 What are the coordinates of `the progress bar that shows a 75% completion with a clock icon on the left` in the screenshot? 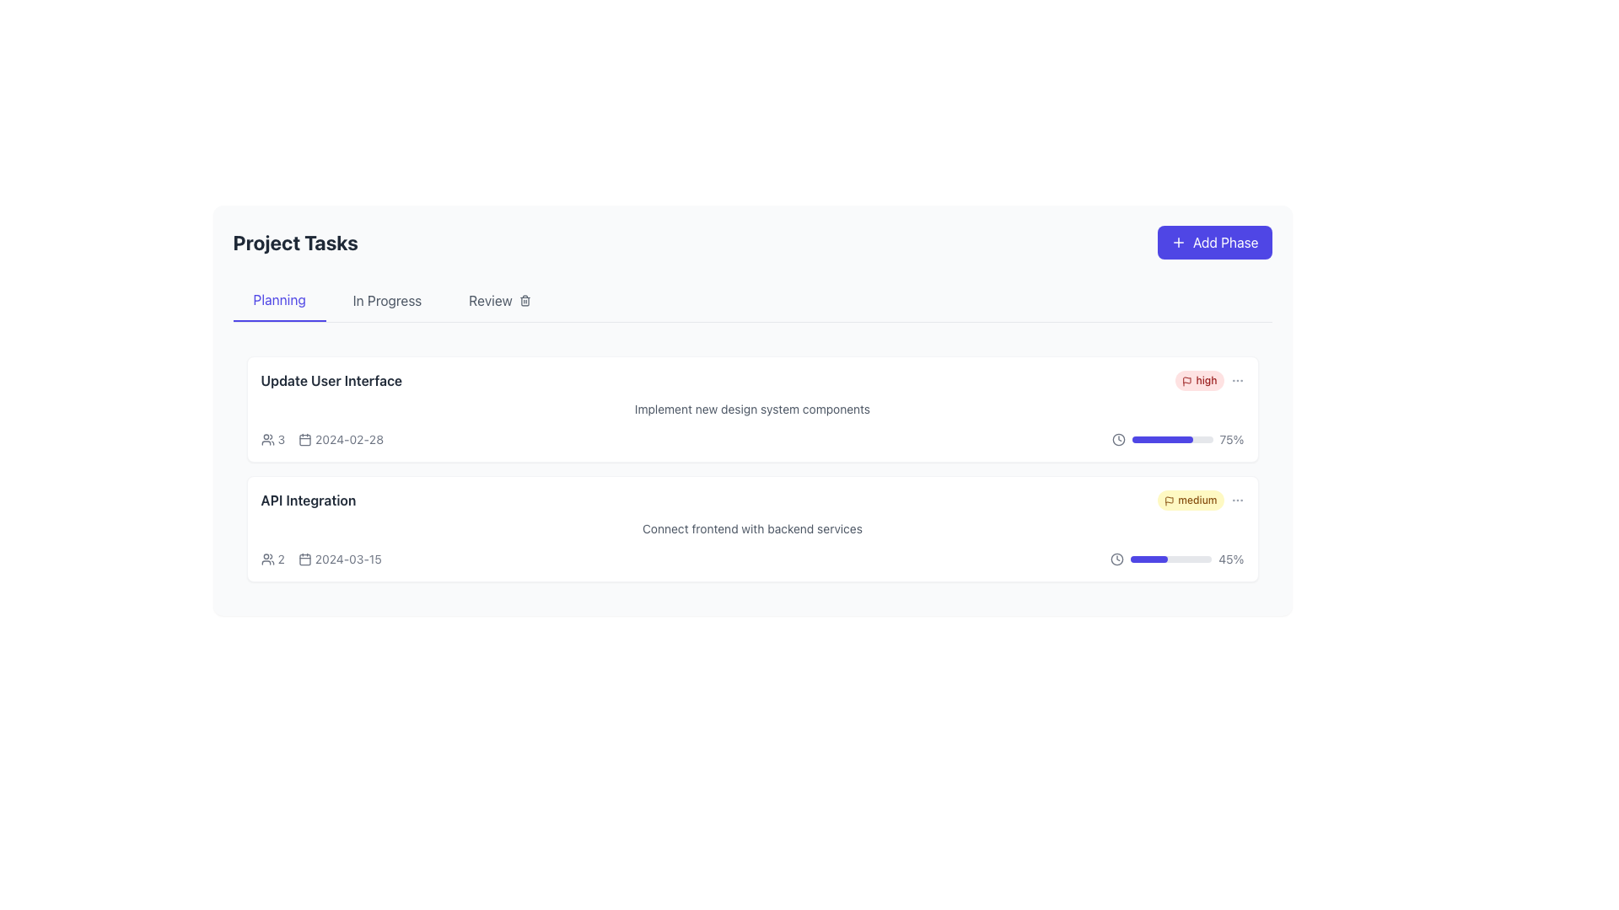 It's located at (1176, 438).